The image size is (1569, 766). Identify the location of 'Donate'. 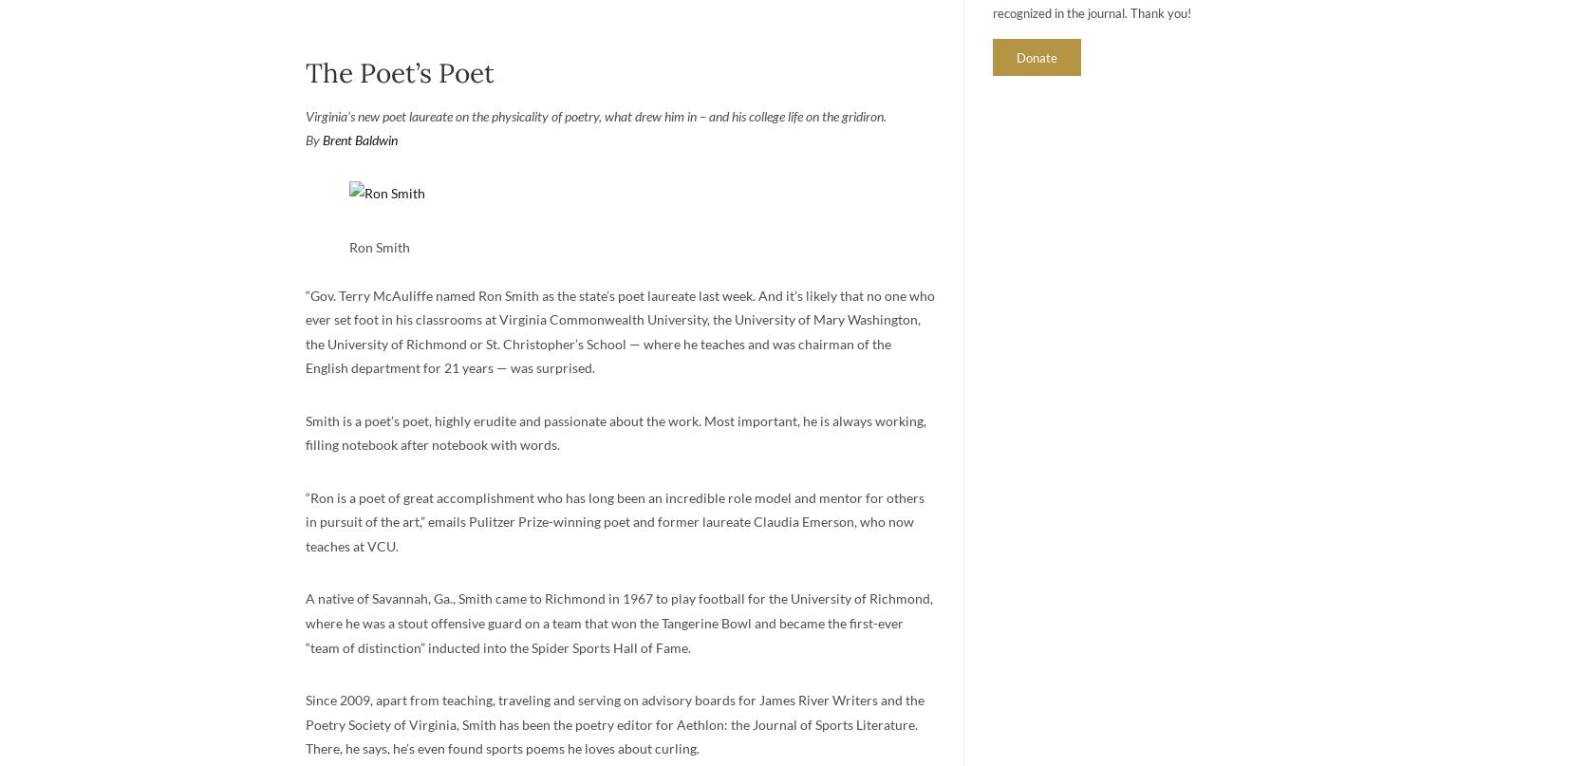
(1036, 58).